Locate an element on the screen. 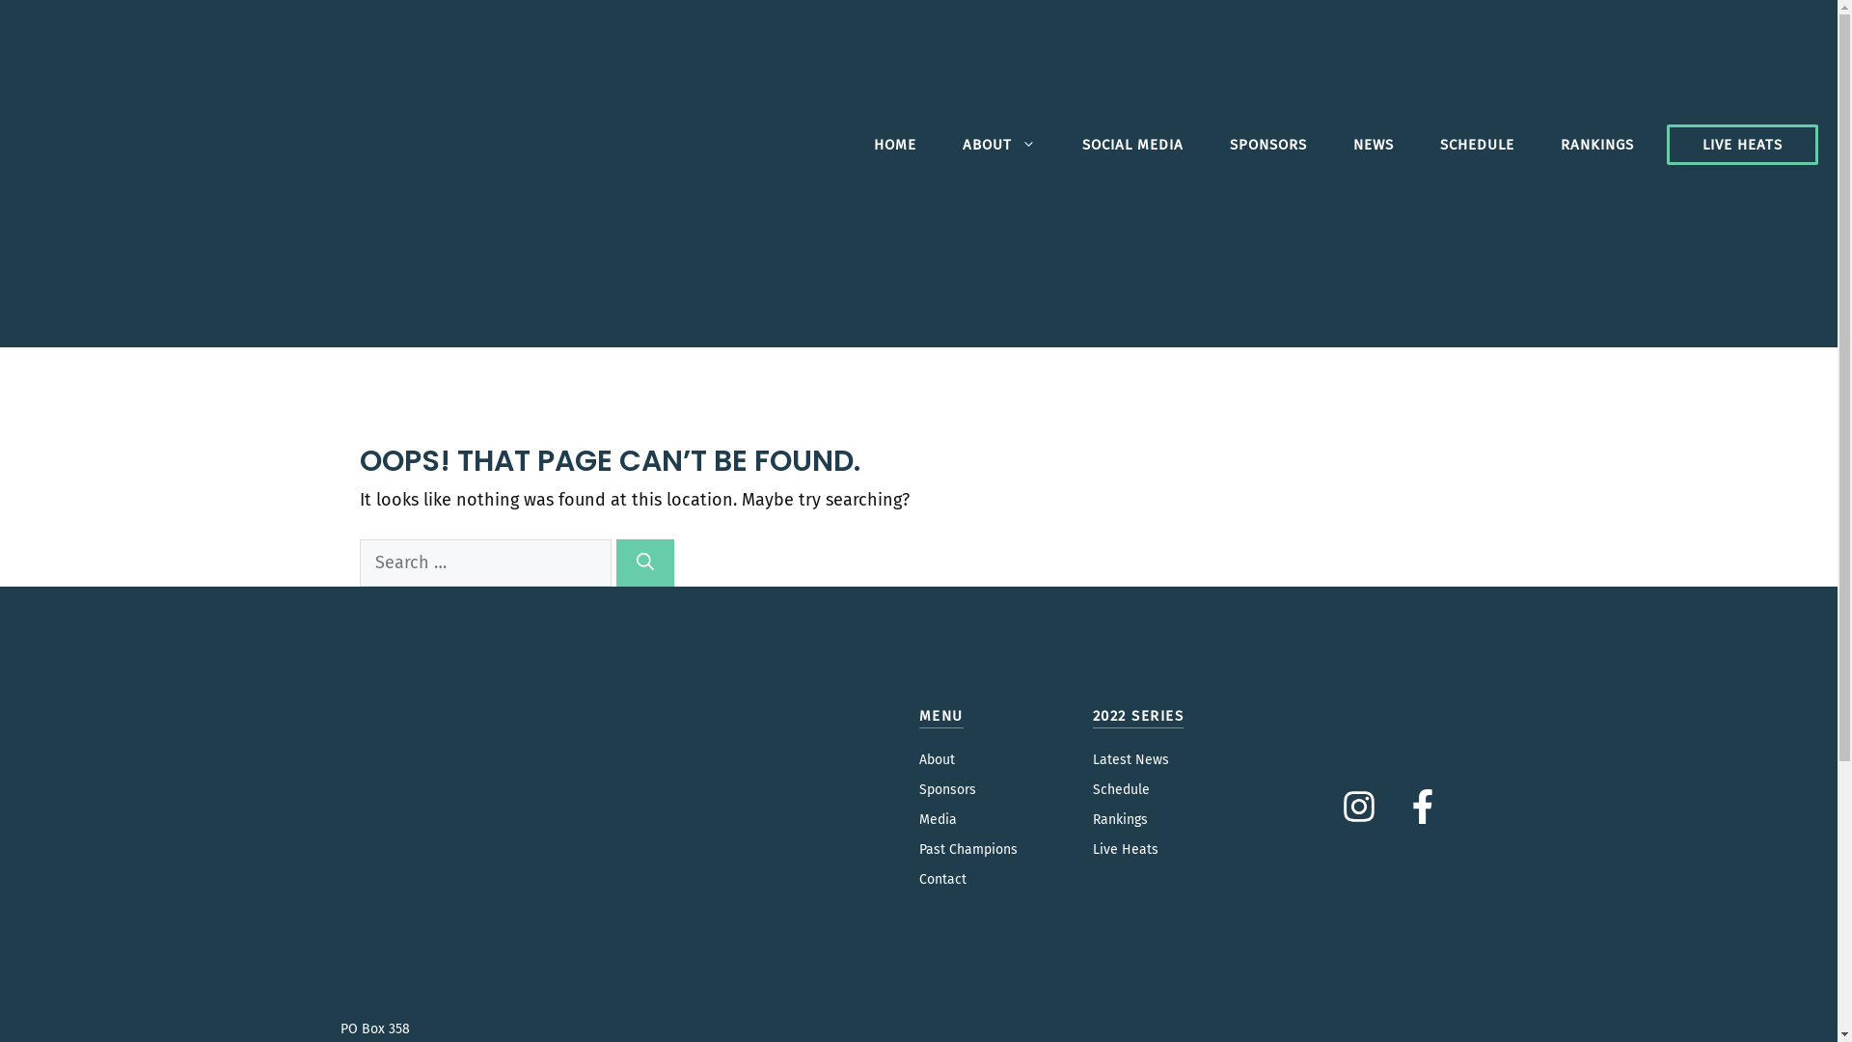 This screenshot has width=1852, height=1042. 'HOME' is located at coordinates (893, 144).